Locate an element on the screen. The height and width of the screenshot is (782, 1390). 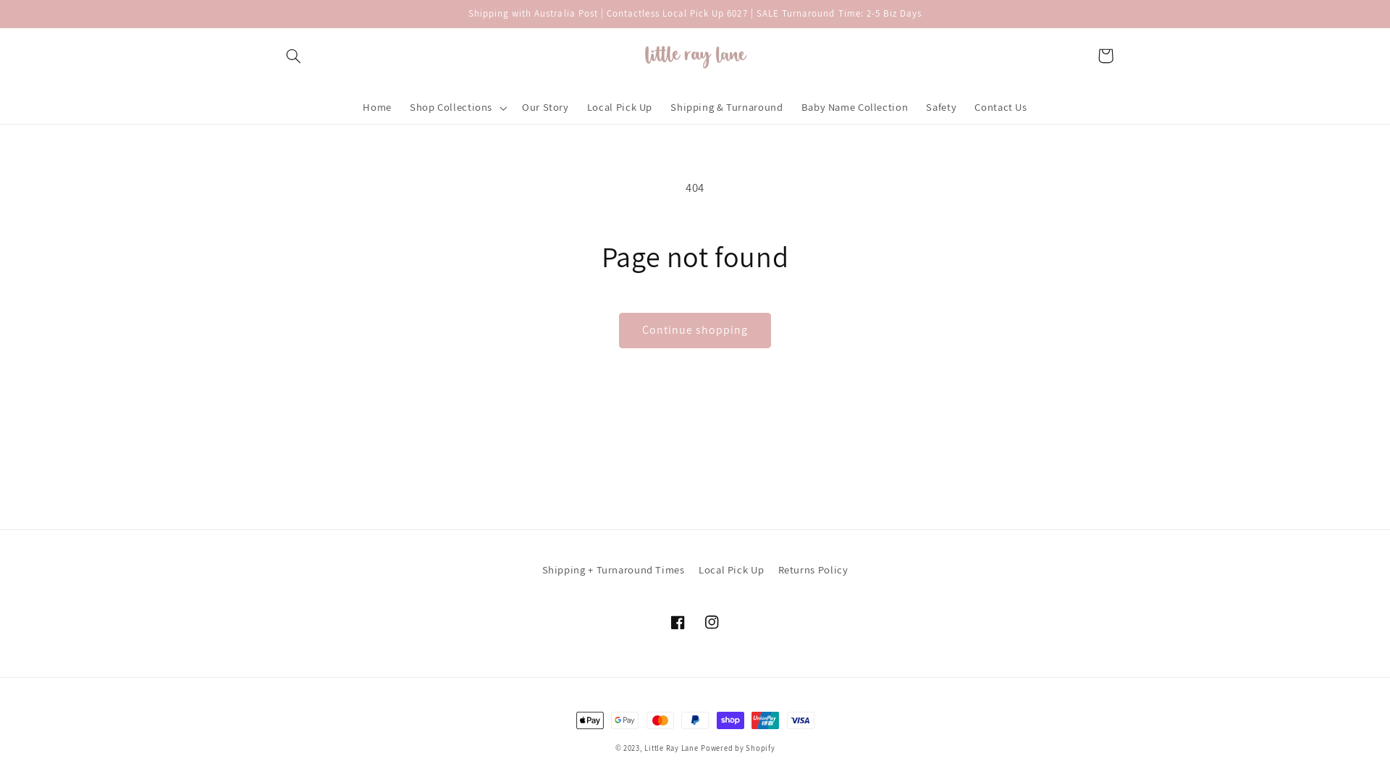
'Home' is located at coordinates (377, 107).